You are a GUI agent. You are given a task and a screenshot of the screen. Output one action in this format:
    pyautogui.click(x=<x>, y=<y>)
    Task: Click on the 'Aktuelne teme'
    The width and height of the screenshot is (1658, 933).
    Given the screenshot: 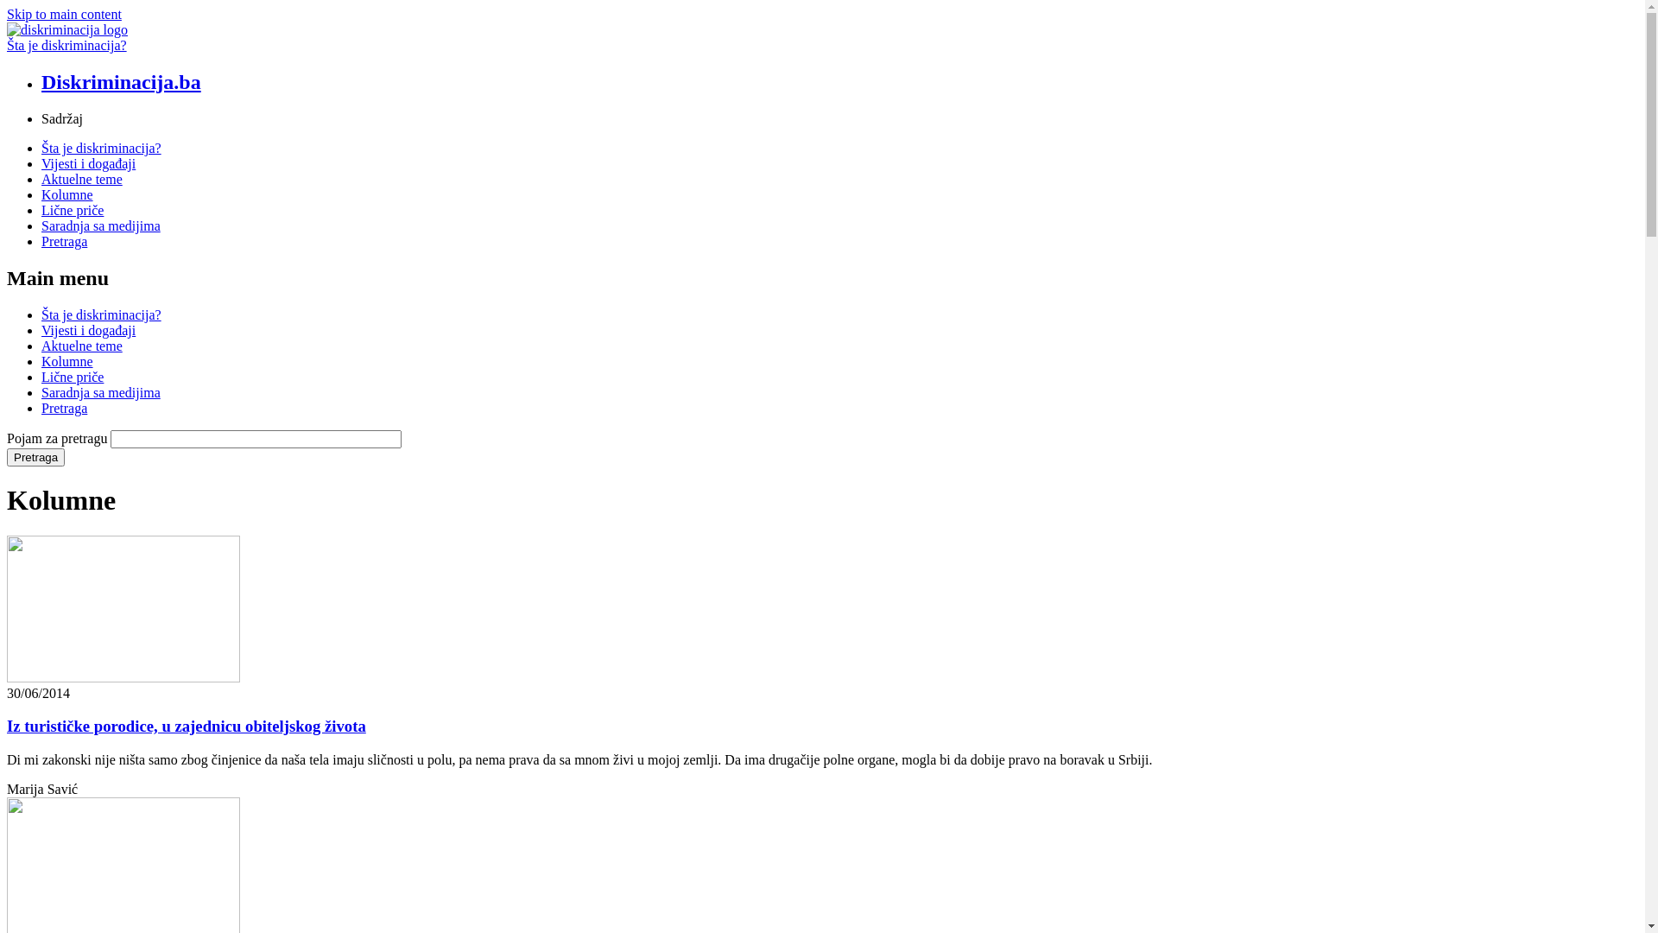 What is the action you would take?
    pyautogui.click(x=81, y=179)
    